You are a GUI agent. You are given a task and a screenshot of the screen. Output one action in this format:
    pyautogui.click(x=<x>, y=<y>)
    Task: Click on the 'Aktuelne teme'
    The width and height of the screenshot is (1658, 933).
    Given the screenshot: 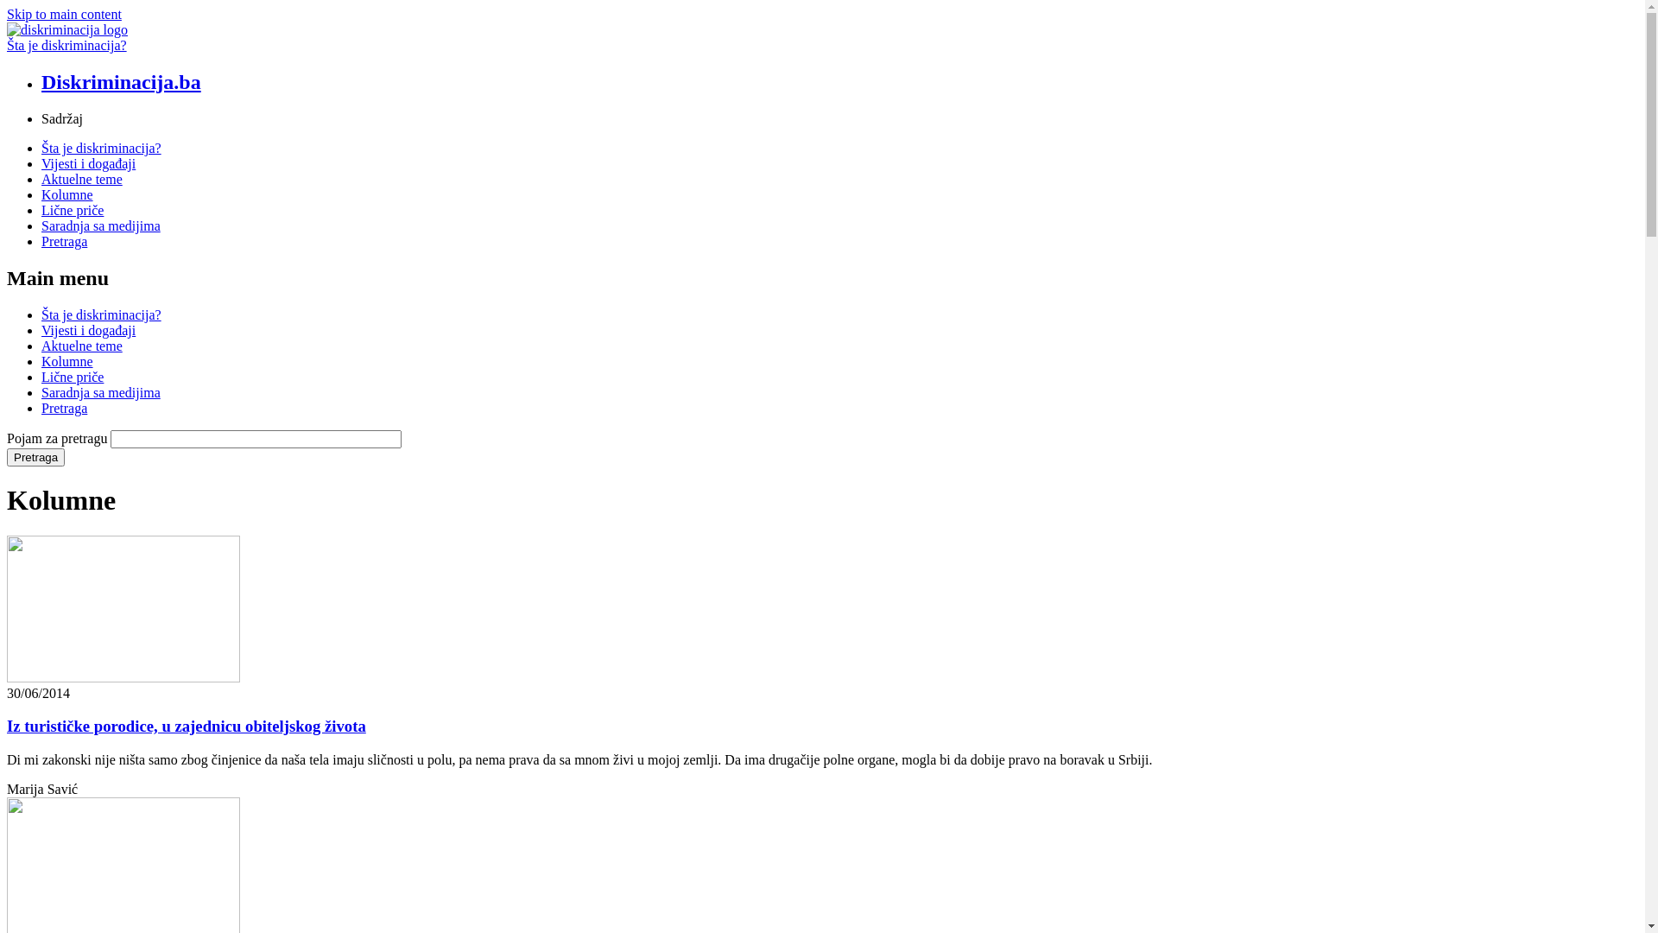 What is the action you would take?
    pyautogui.click(x=81, y=179)
    